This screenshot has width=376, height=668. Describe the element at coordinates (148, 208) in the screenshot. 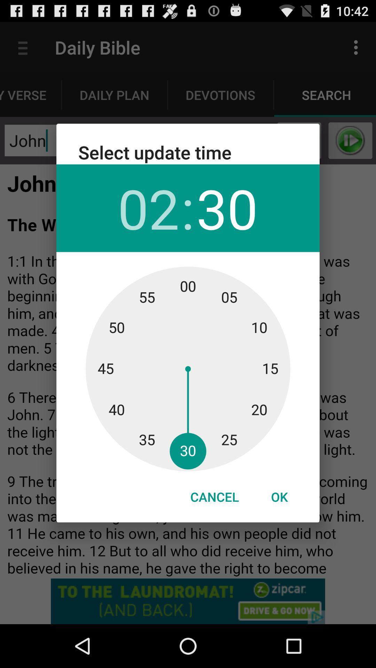

I see `icon next to the : icon` at that location.